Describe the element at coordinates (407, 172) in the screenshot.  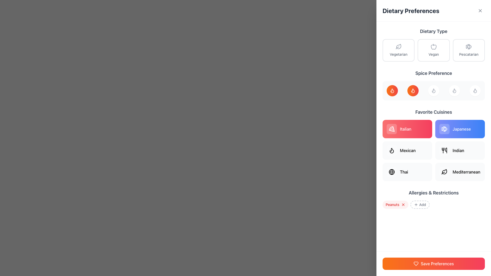
I see `the 'Thai' selectable button in the 'Favorite Cuisines' section` at that location.